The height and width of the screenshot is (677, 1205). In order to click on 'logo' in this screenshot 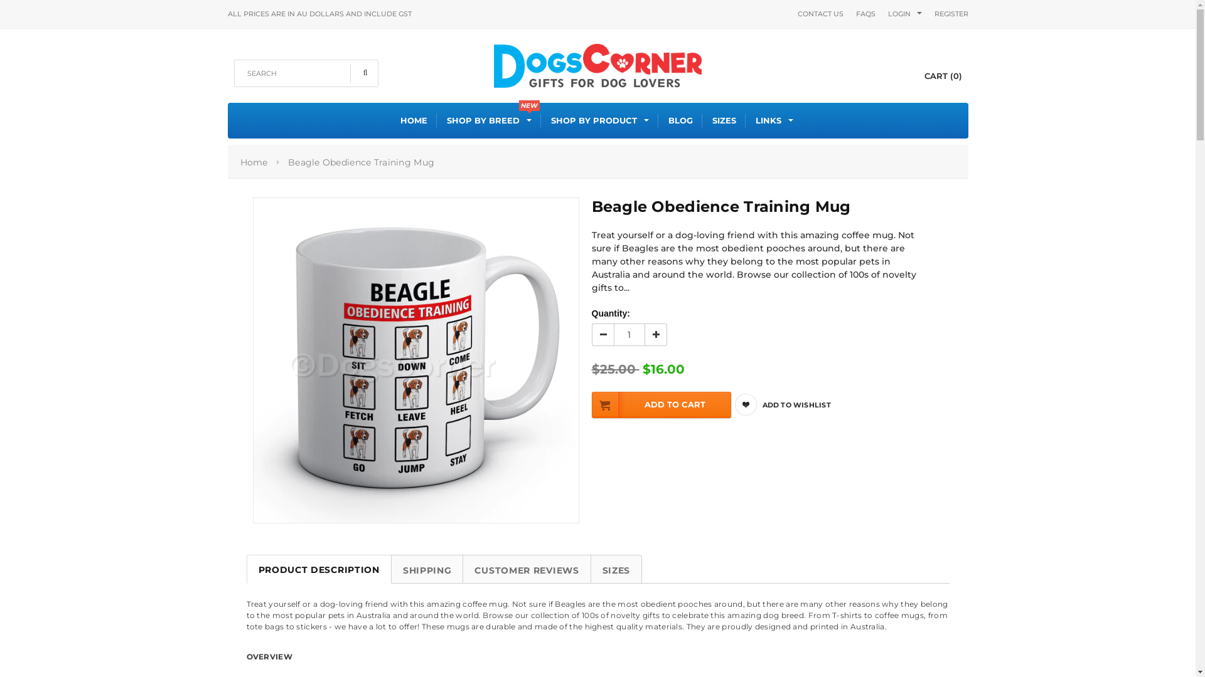, I will do `click(597, 63)`.